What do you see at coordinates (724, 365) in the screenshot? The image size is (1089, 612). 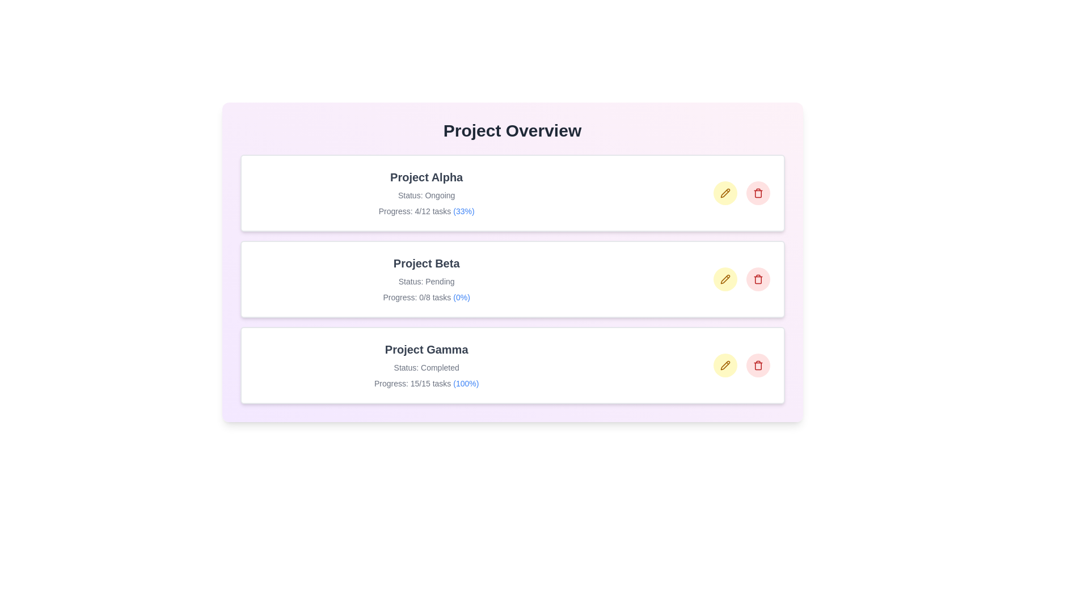 I see `edit icon for the project identified by Project Gamma` at bounding box center [724, 365].